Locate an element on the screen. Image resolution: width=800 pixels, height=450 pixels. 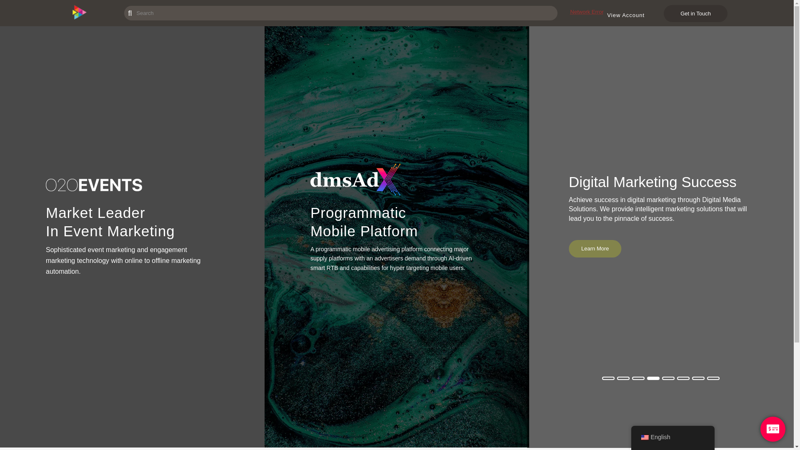
'4' is located at coordinates (653, 378).